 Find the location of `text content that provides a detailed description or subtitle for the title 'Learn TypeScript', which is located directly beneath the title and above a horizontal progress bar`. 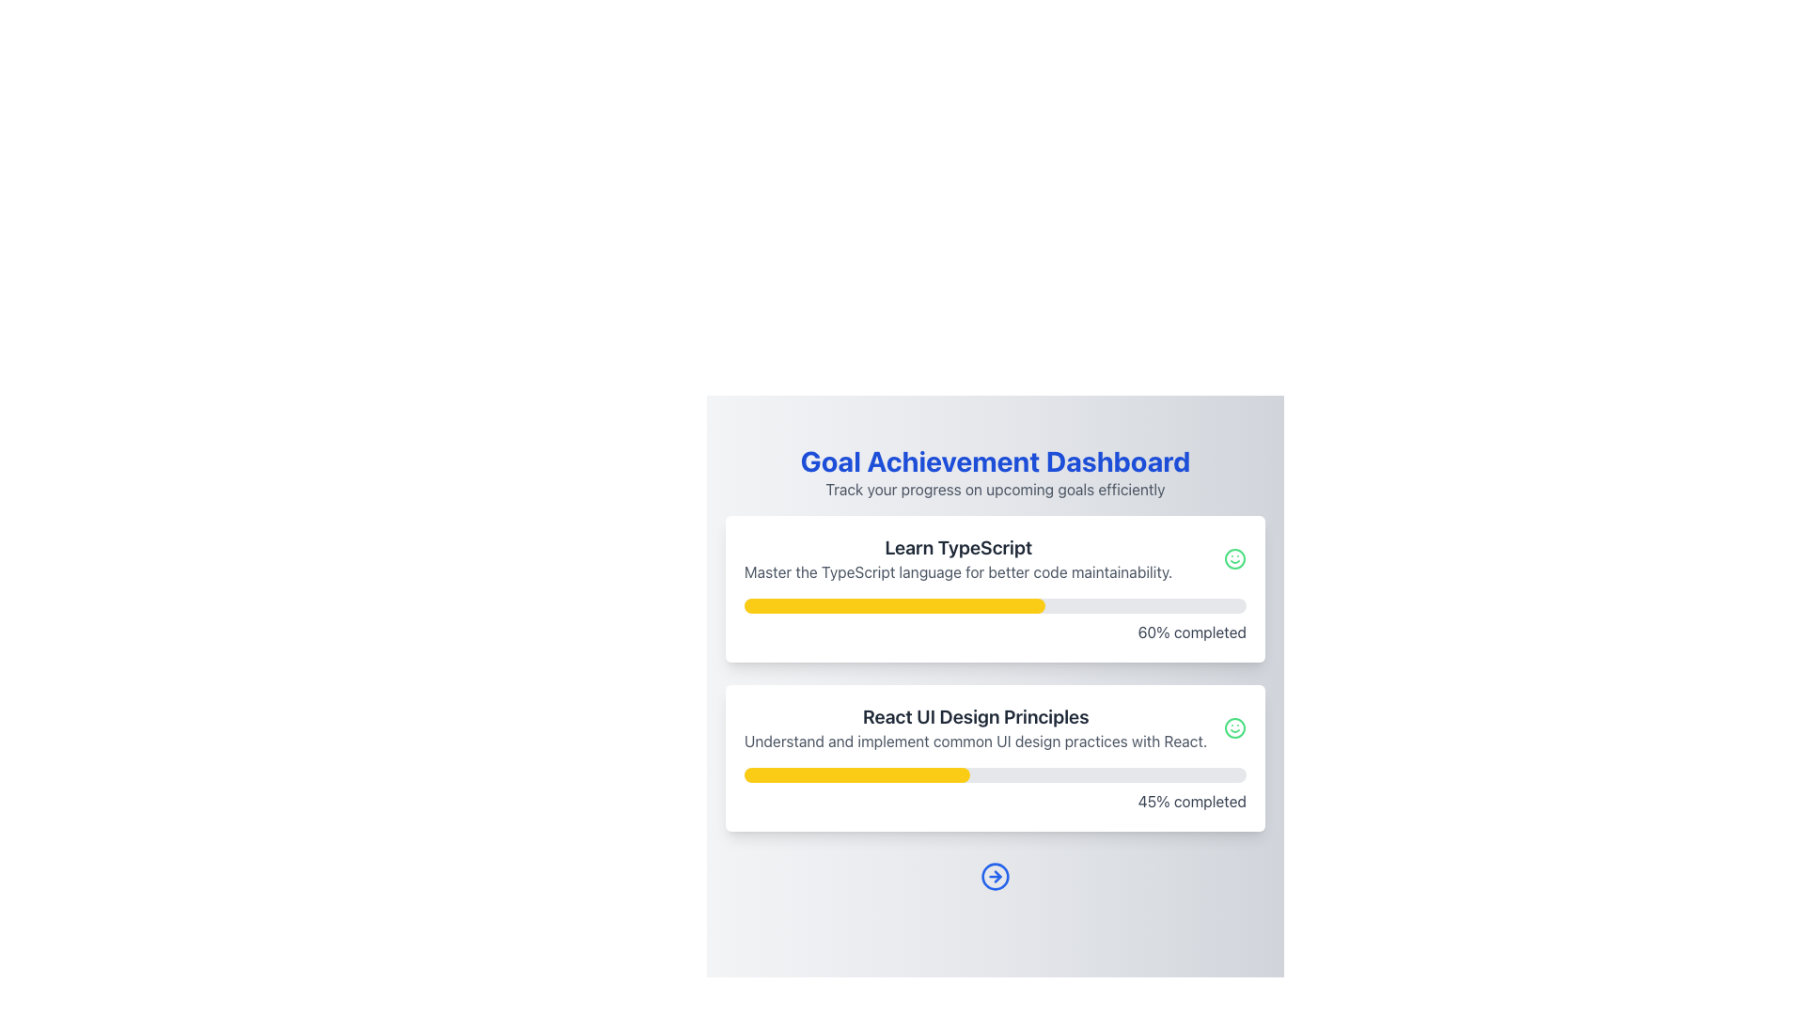

text content that provides a detailed description or subtitle for the title 'Learn TypeScript', which is located directly beneath the title and above a horizontal progress bar is located at coordinates (958, 571).